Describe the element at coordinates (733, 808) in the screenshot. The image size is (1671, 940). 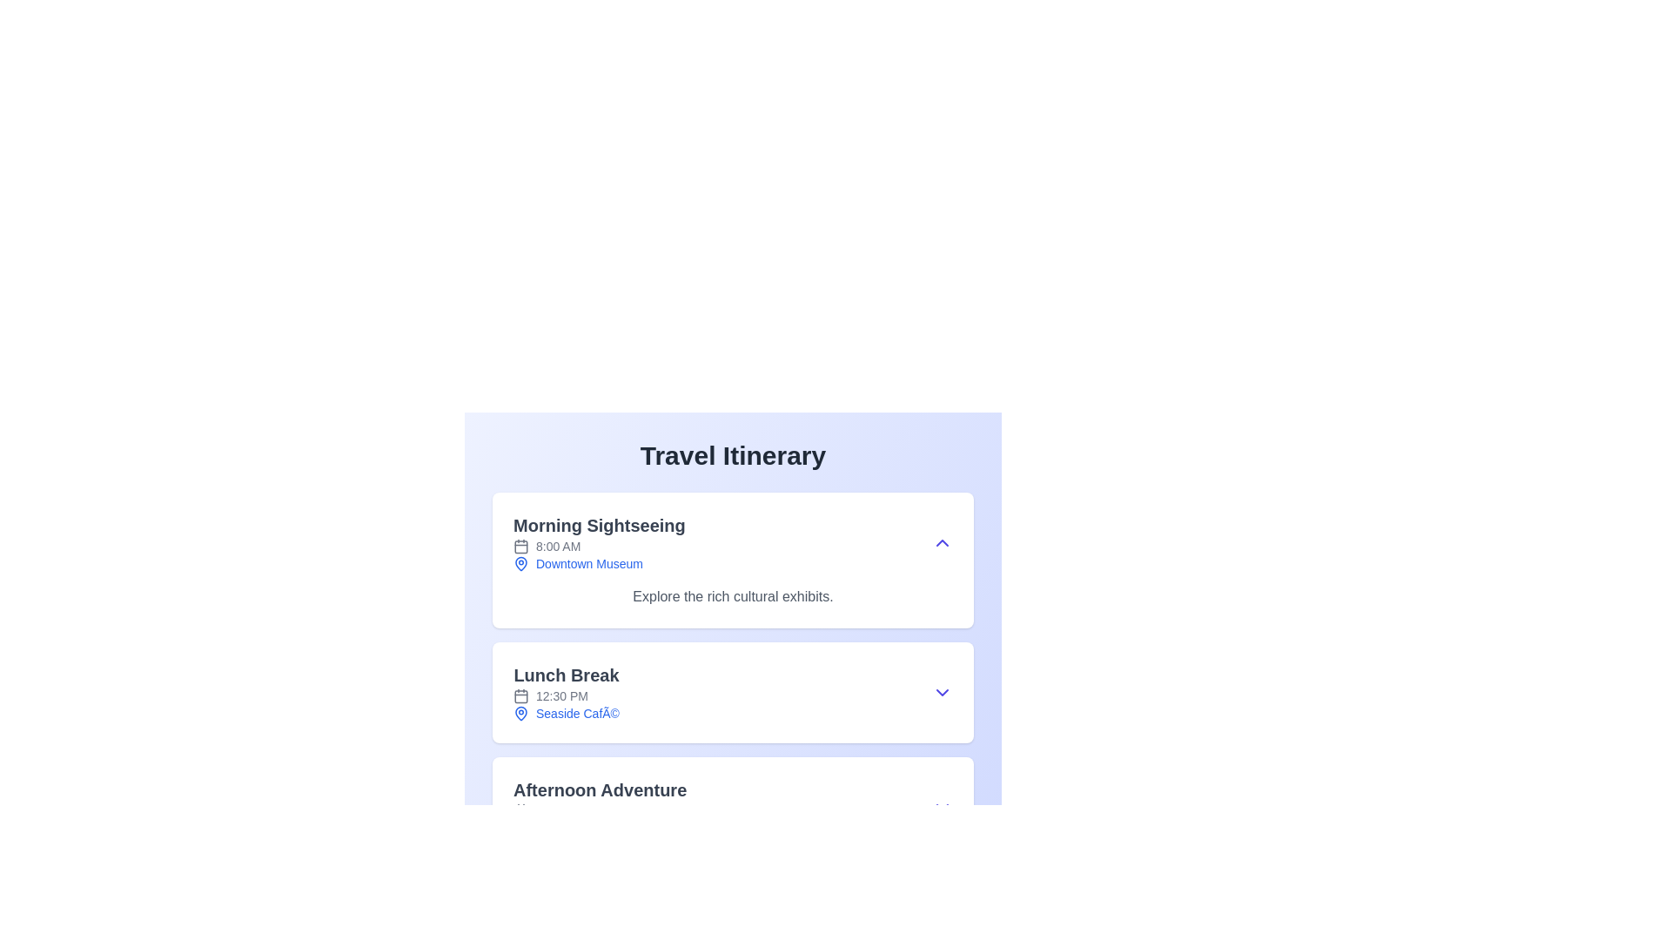
I see `the third card component in the travel itinerary` at that location.